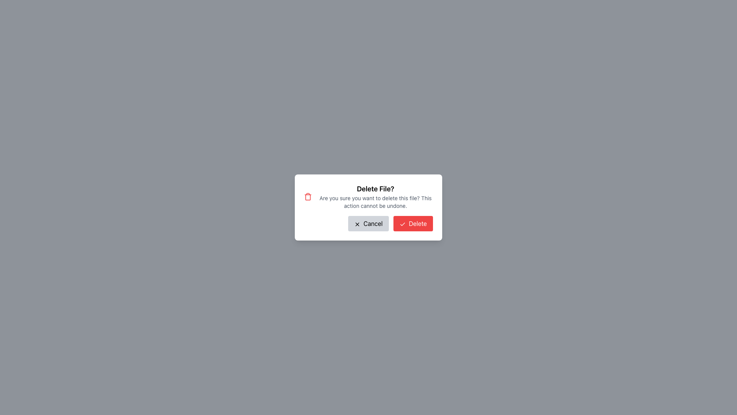  What do you see at coordinates (368, 224) in the screenshot?
I see `the 'Cancel' button, which is a rectangular button with rounded corners, grey background, black border, and labeled 'Cancel' with an 'X' icon on its left side` at bounding box center [368, 224].